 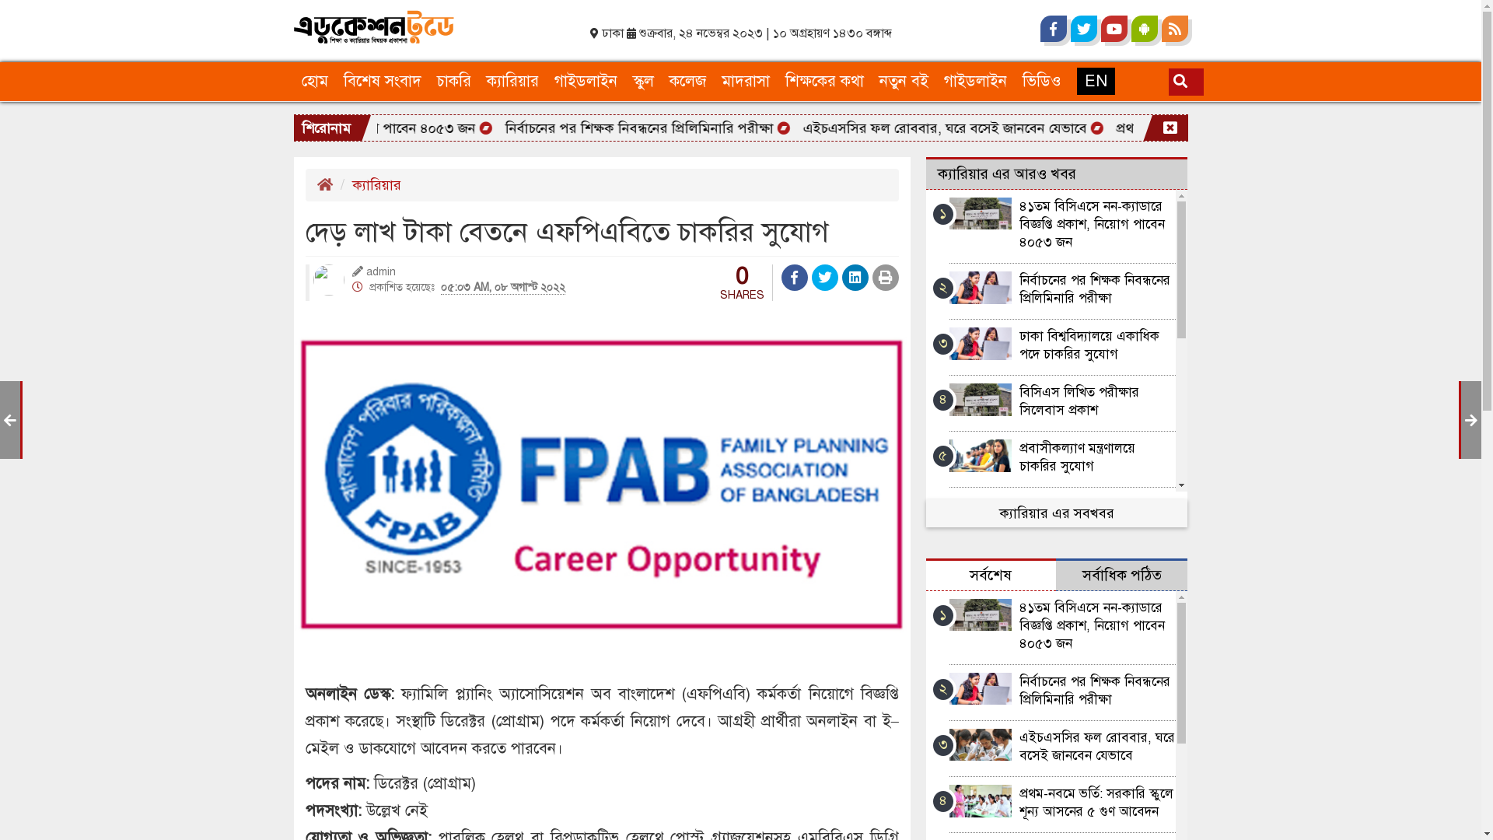 I want to click on 'Click to close', so click(x=1170, y=128).